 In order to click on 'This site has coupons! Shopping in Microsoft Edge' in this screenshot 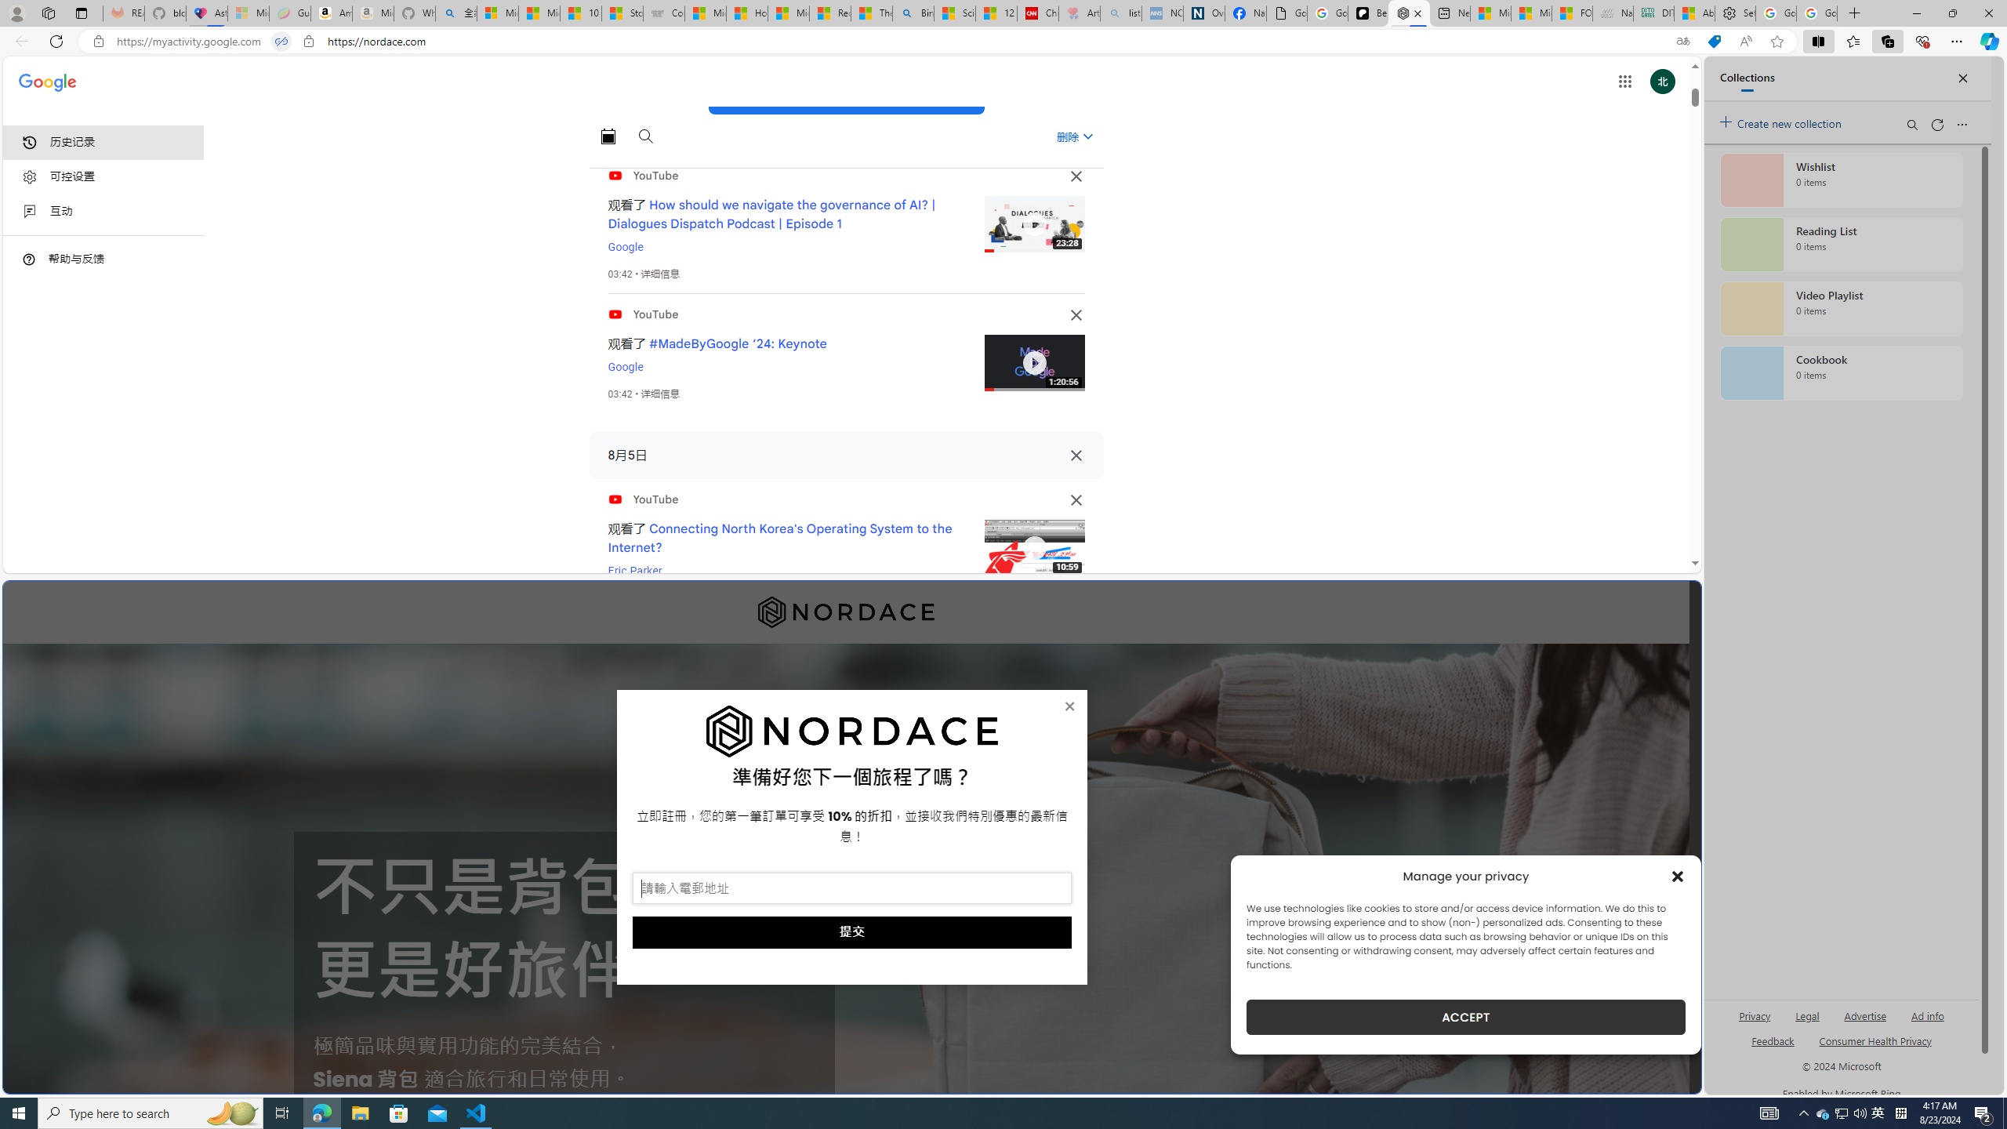, I will do `click(1713, 42)`.